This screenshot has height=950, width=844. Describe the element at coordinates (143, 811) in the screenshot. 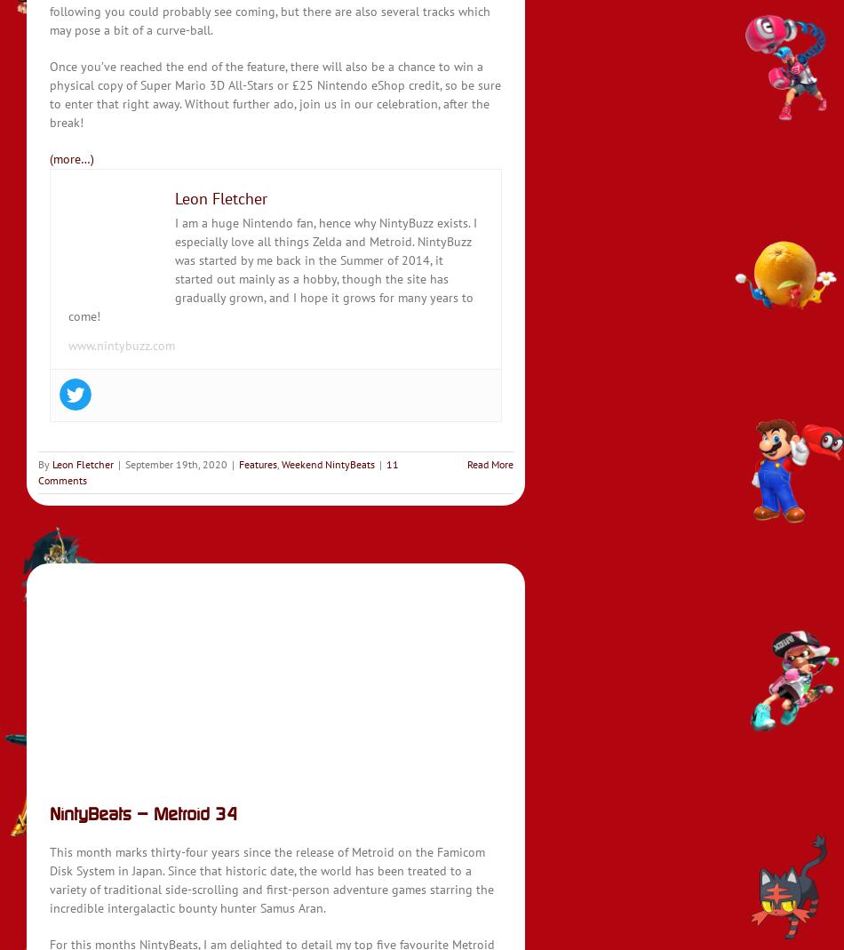

I see `'NintyBeats – Metroid 34'` at that location.